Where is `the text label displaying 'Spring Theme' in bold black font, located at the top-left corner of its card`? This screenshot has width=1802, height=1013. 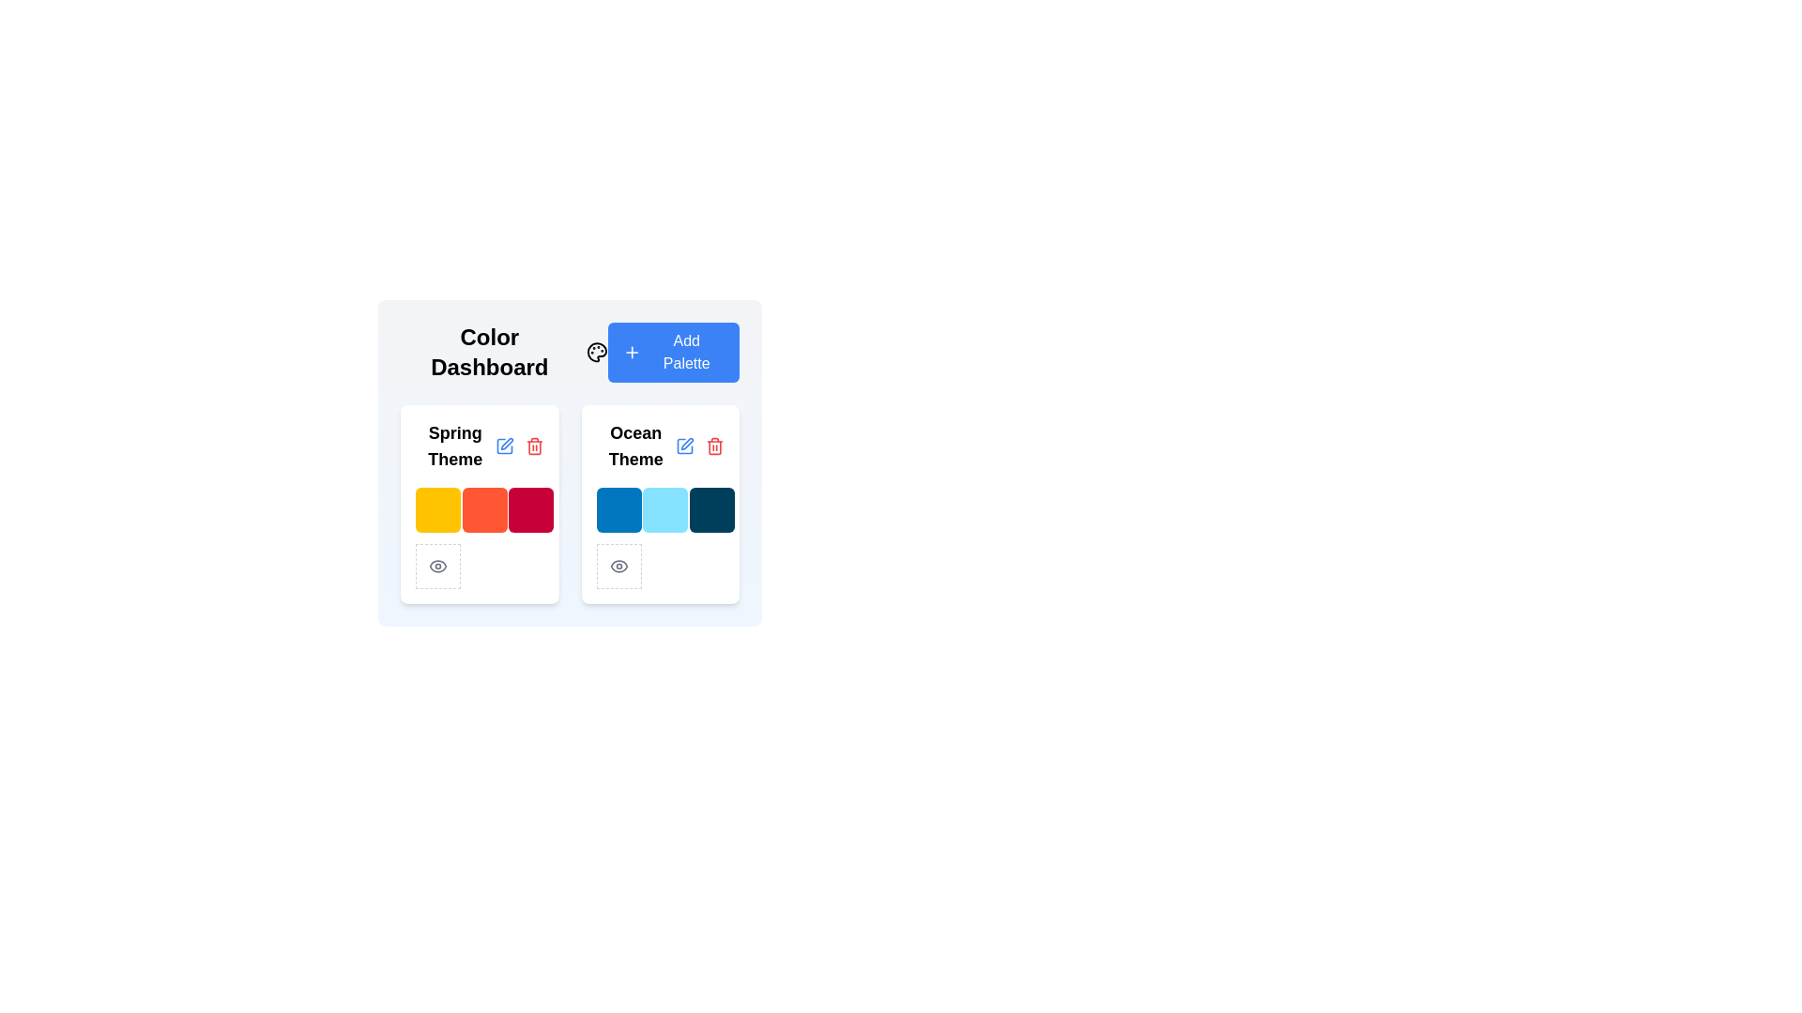
the text label displaying 'Spring Theme' in bold black font, located at the top-left corner of its card is located at coordinates (480, 446).